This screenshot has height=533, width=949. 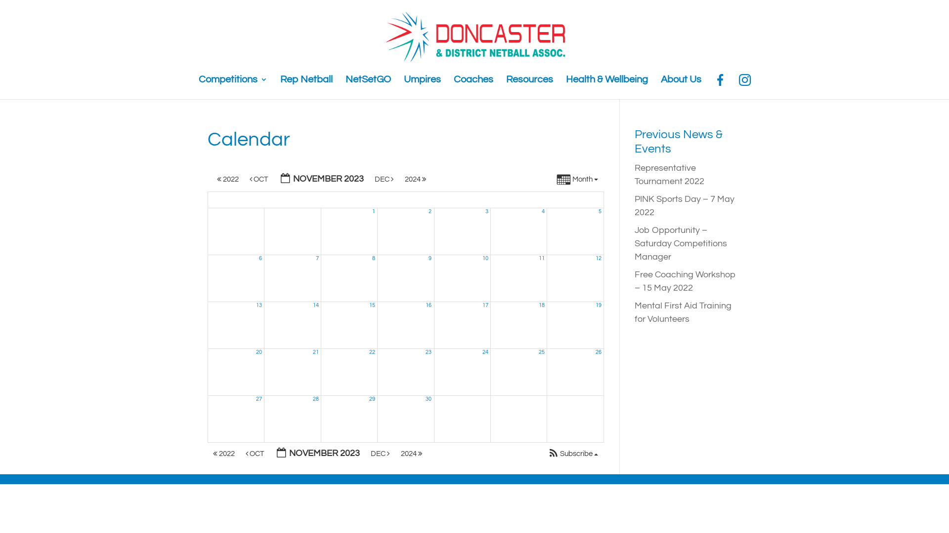 I want to click on 'DEC', so click(x=384, y=180).